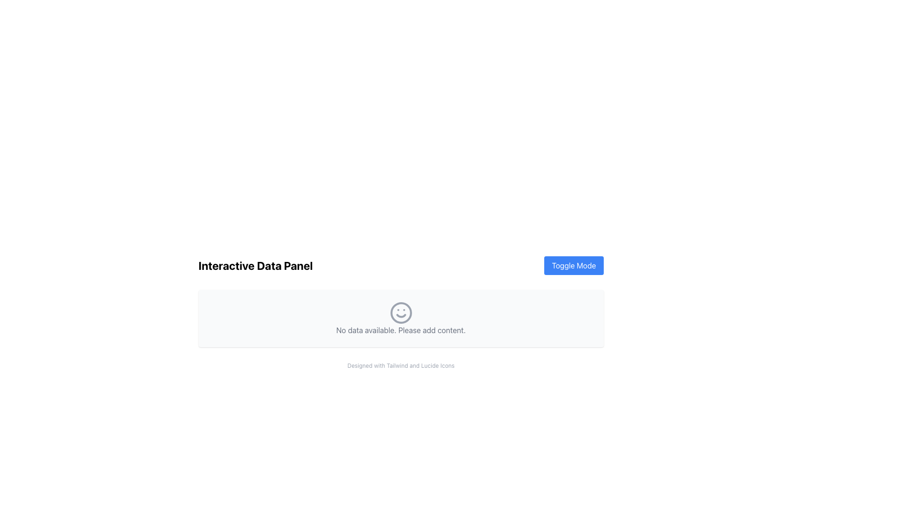 This screenshot has width=900, height=506. What do you see at coordinates (401, 365) in the screenshot?
I see `the static text element that displays 'Designed with Tailwind and Lucide Icons.' located at the bottom of the panel` at bounding box center [401, 365].